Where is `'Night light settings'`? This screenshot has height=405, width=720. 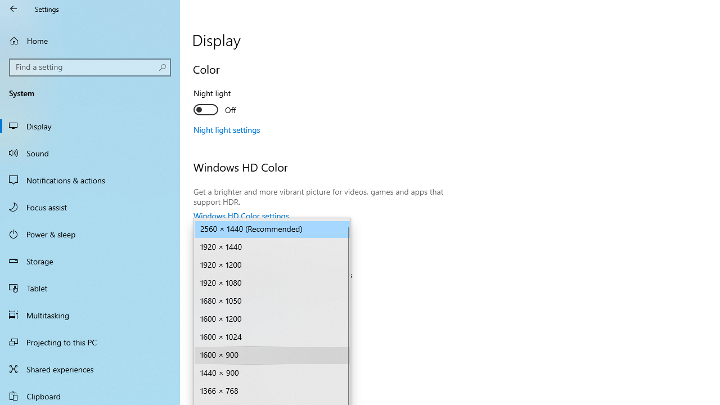
'Night light settings' is located at coordinates (226, 129).